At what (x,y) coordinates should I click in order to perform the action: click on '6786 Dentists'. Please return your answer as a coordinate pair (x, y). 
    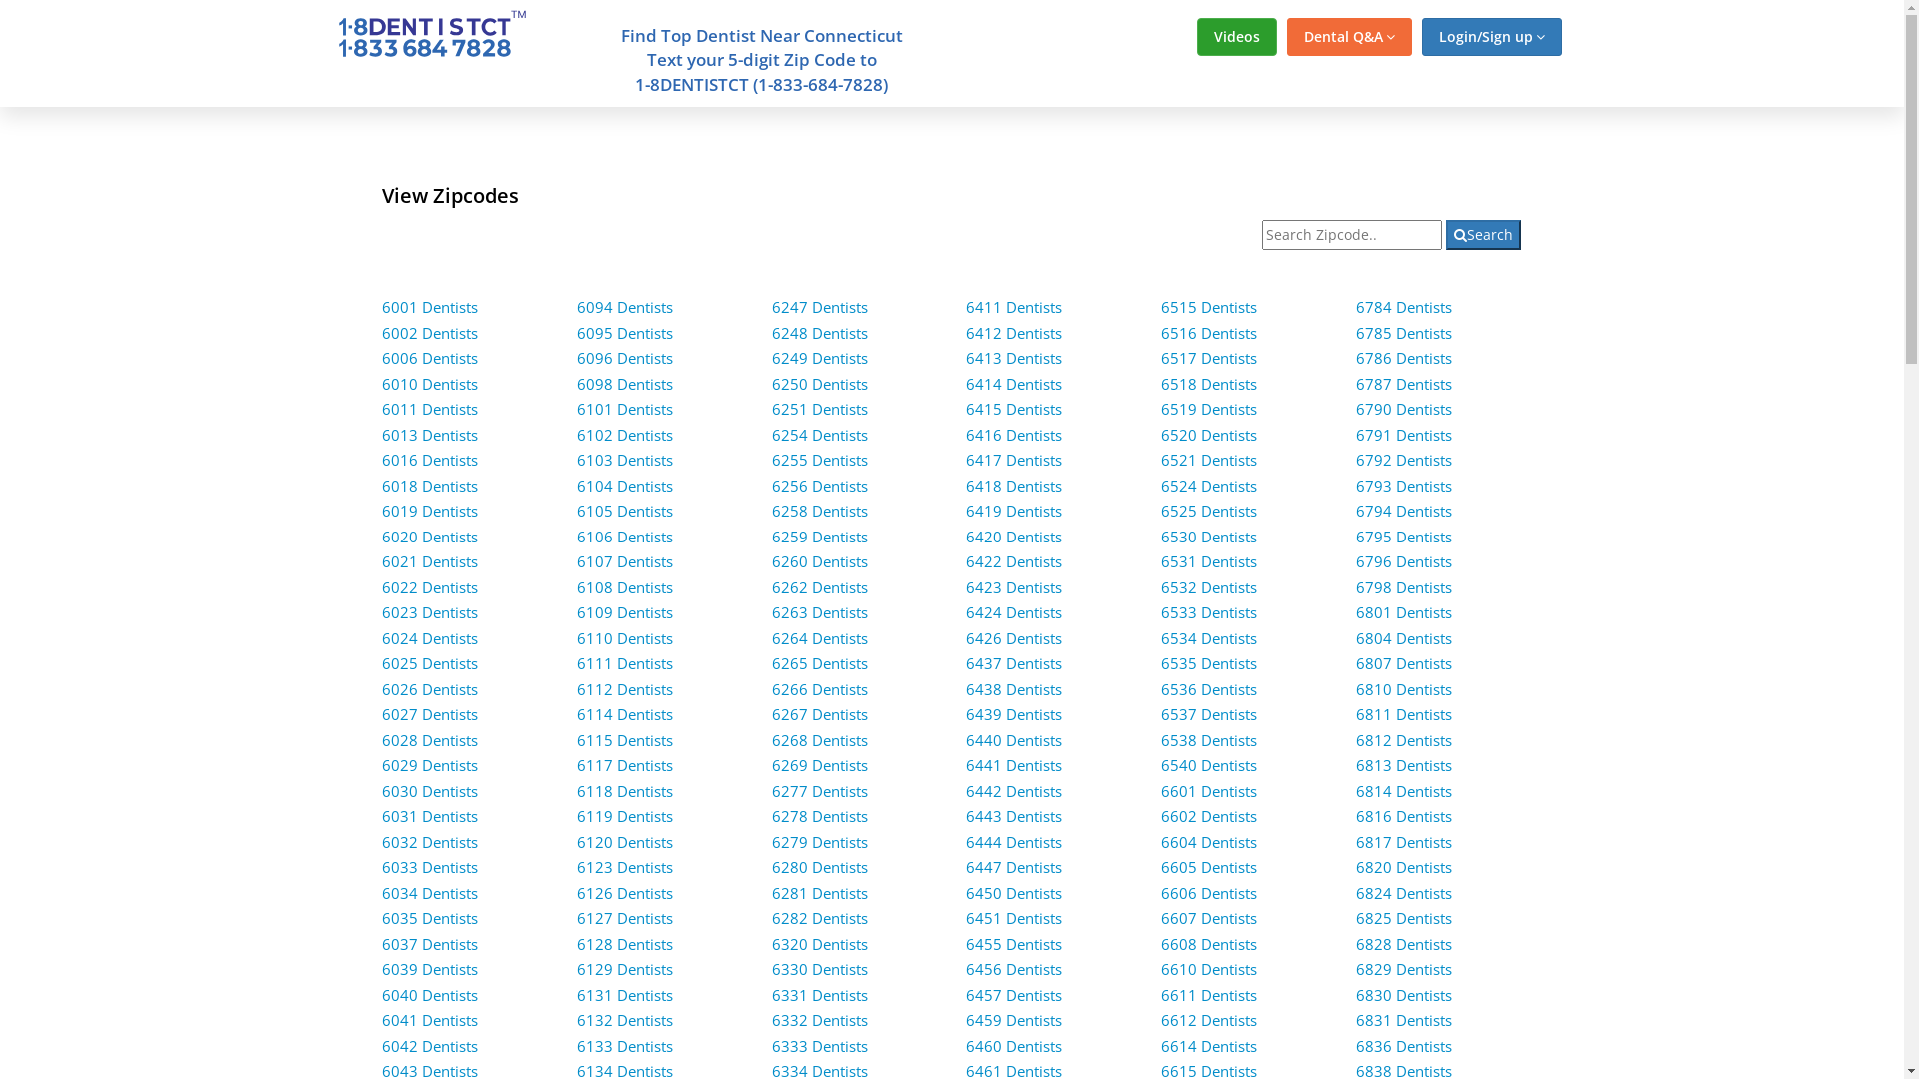
    Looking at the image, I should click on (1403, 357).